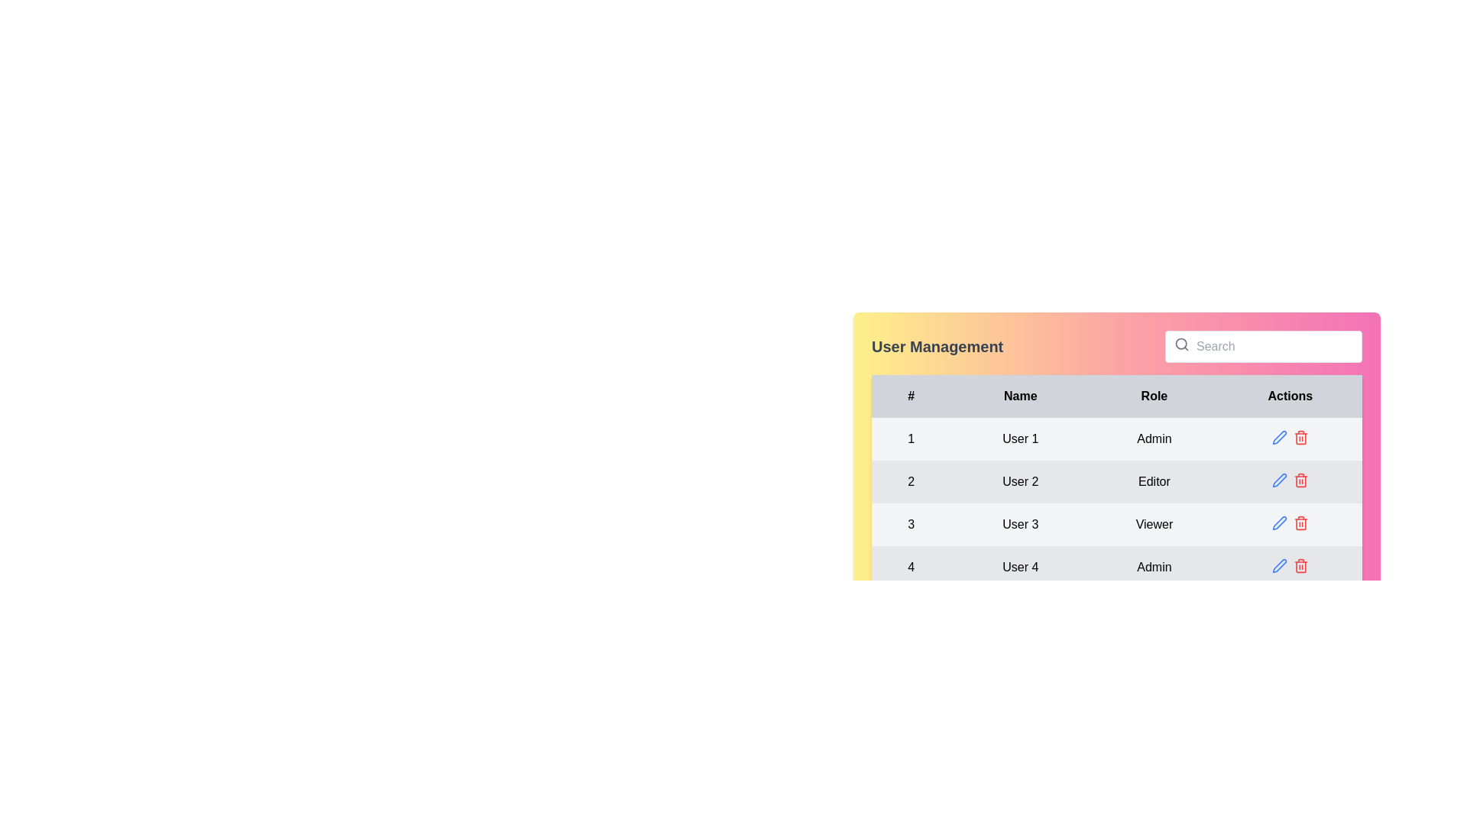  I want to click on the Static Text element displaying the numerical value '2', which is part of a table row under the header column '#', so click(911, 482).